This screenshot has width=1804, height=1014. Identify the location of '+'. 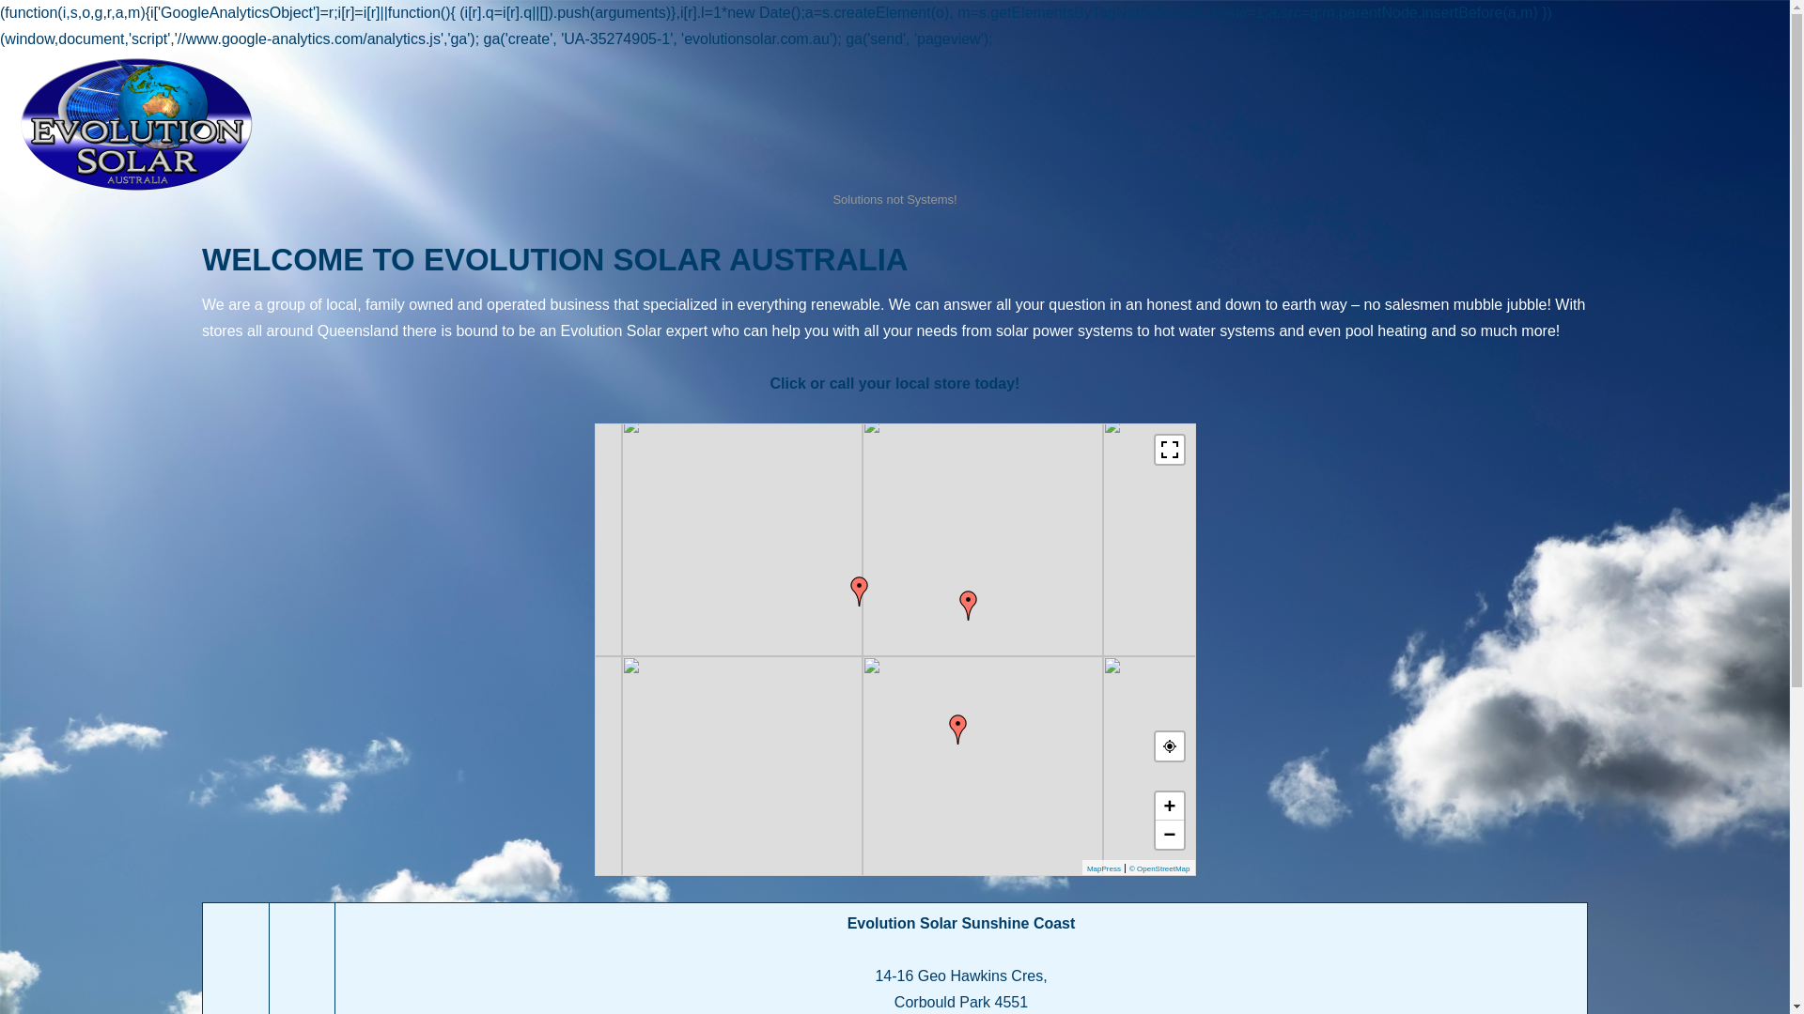
(1168, 806).